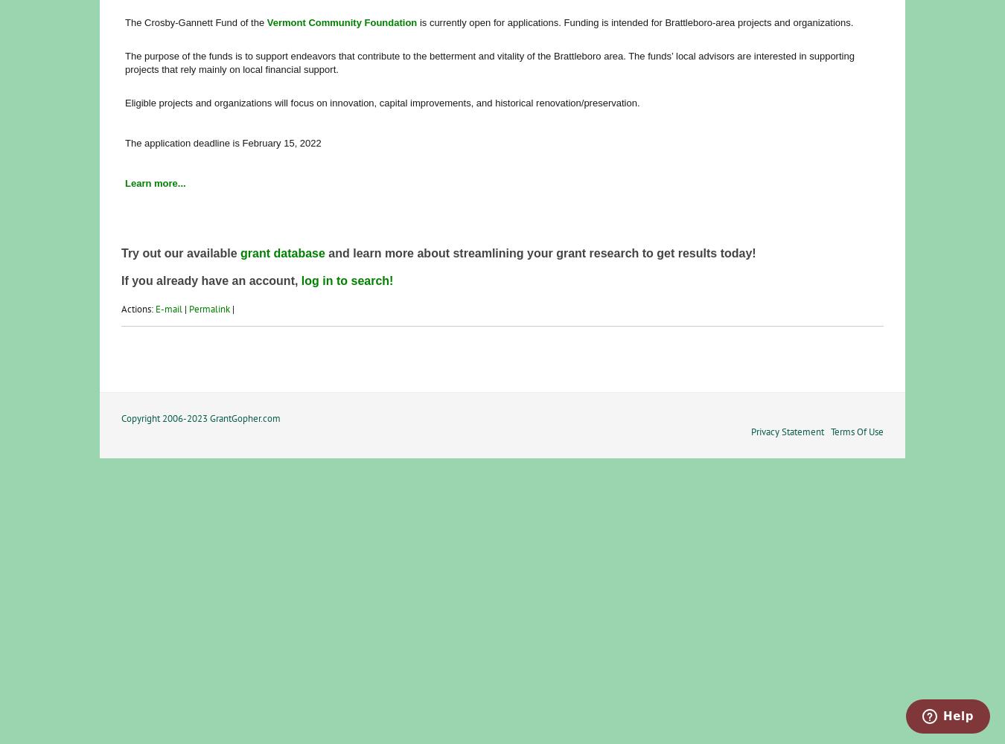  Describe the element at coordinates (489, 61) in the screenshot. I see `'The purpose of the funds is to support endeavors  that contribute to the betterment and vitality of the Brattleboro area.  The funds’ local advisors are interested in supporting projects that  rely mainly on local financial support.'` at that location.